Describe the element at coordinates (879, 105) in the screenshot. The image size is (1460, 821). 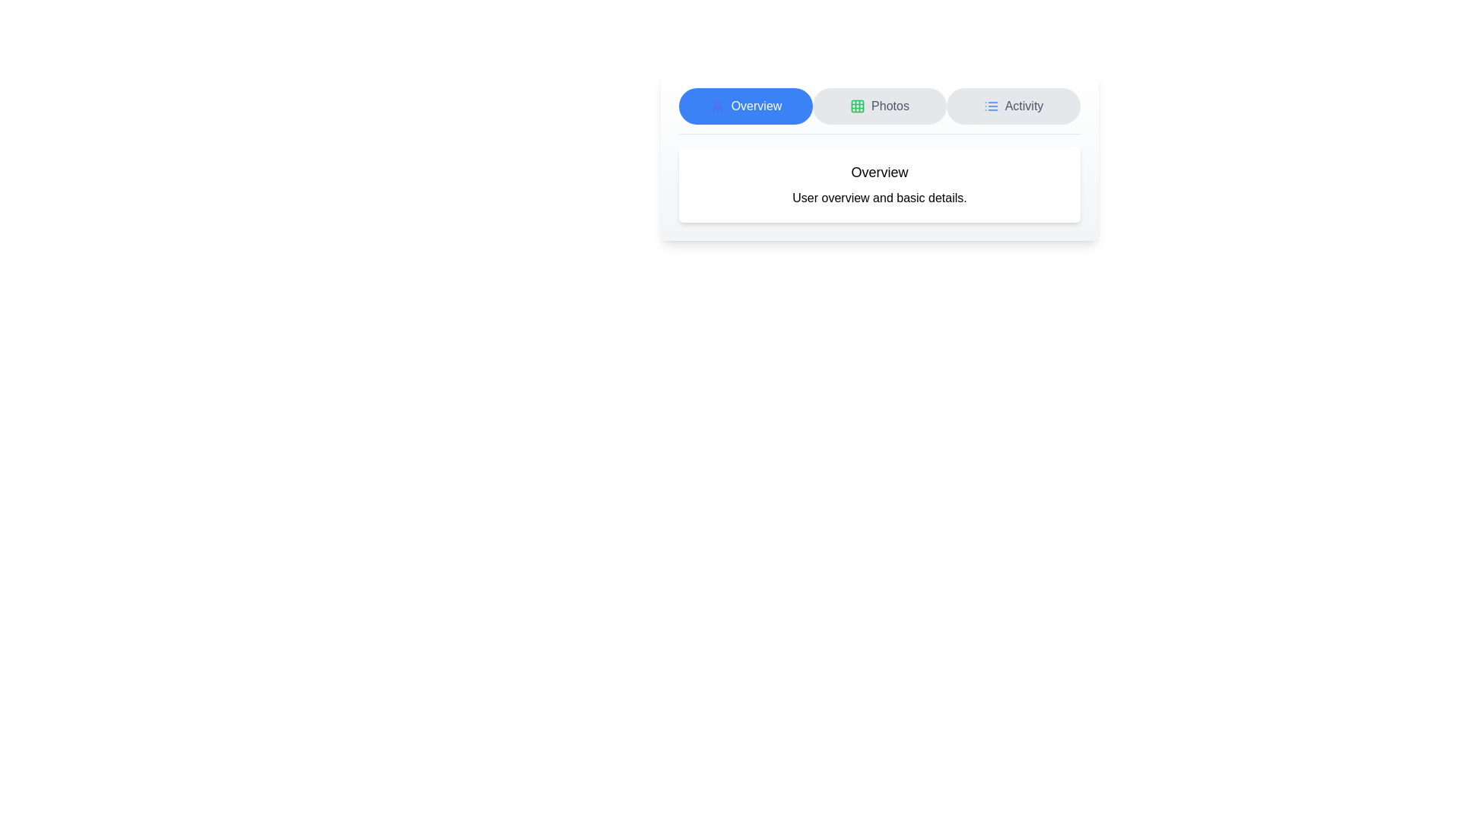
I see `the Photos tab by clicking on its corresponding button` at that location.